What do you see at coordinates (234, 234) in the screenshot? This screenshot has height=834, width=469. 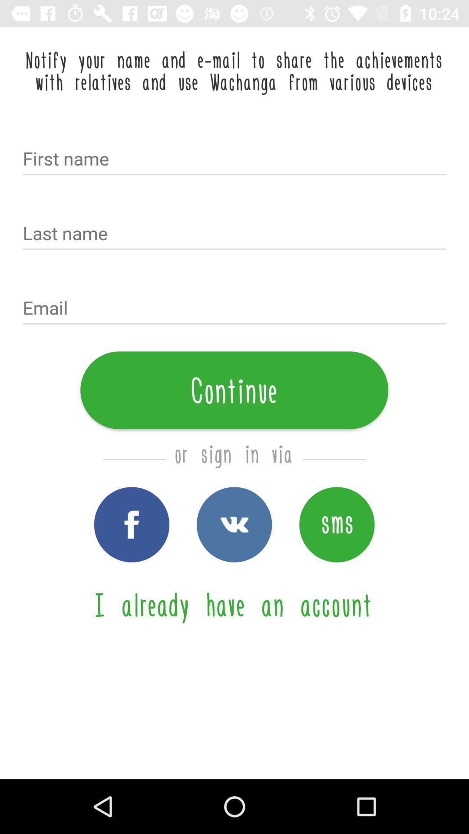 I see `text box for last name` at bounding box center [234, 234].